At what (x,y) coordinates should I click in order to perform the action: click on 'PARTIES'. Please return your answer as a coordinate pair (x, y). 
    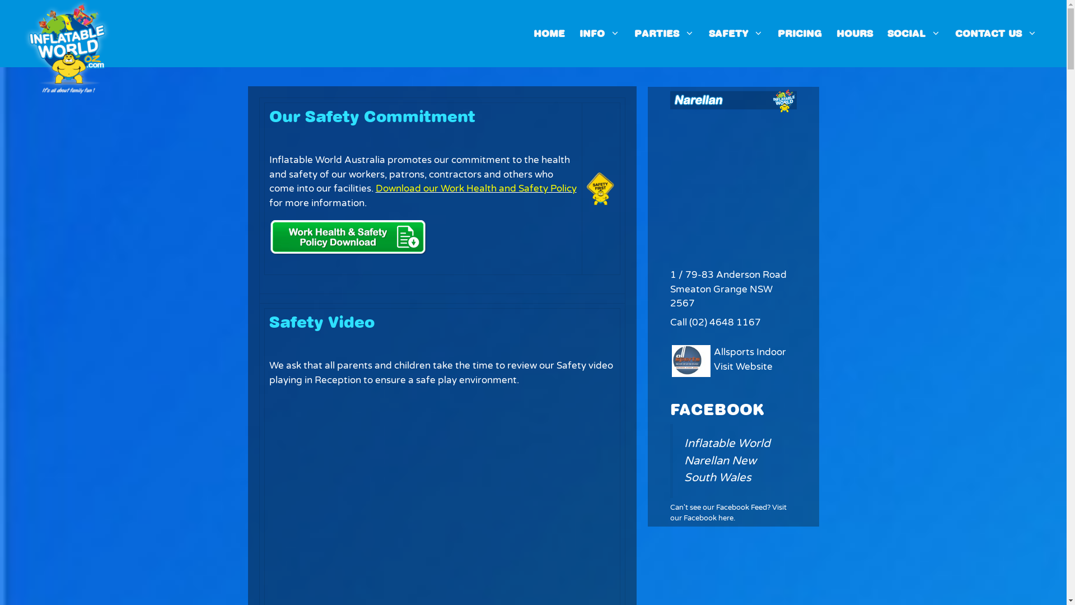
    Looking at the image, I should click on (664, 33).